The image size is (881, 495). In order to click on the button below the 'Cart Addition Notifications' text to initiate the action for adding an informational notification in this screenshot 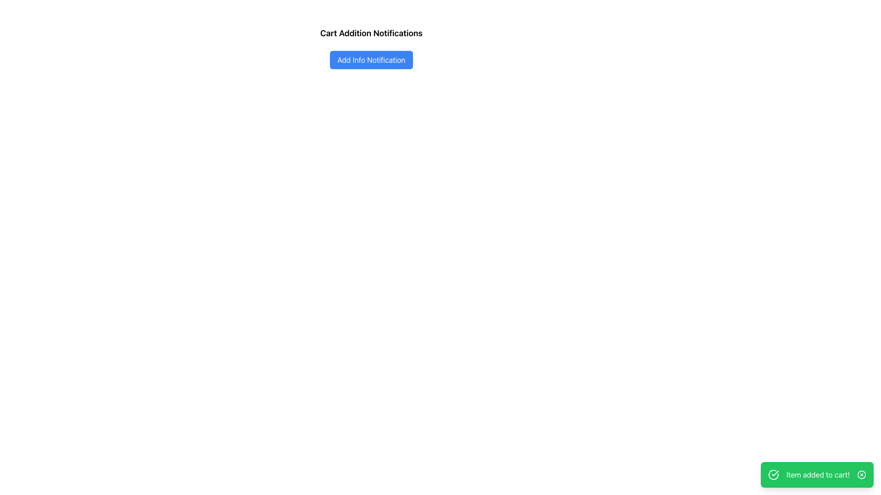, I will do `click(371, 60)`.